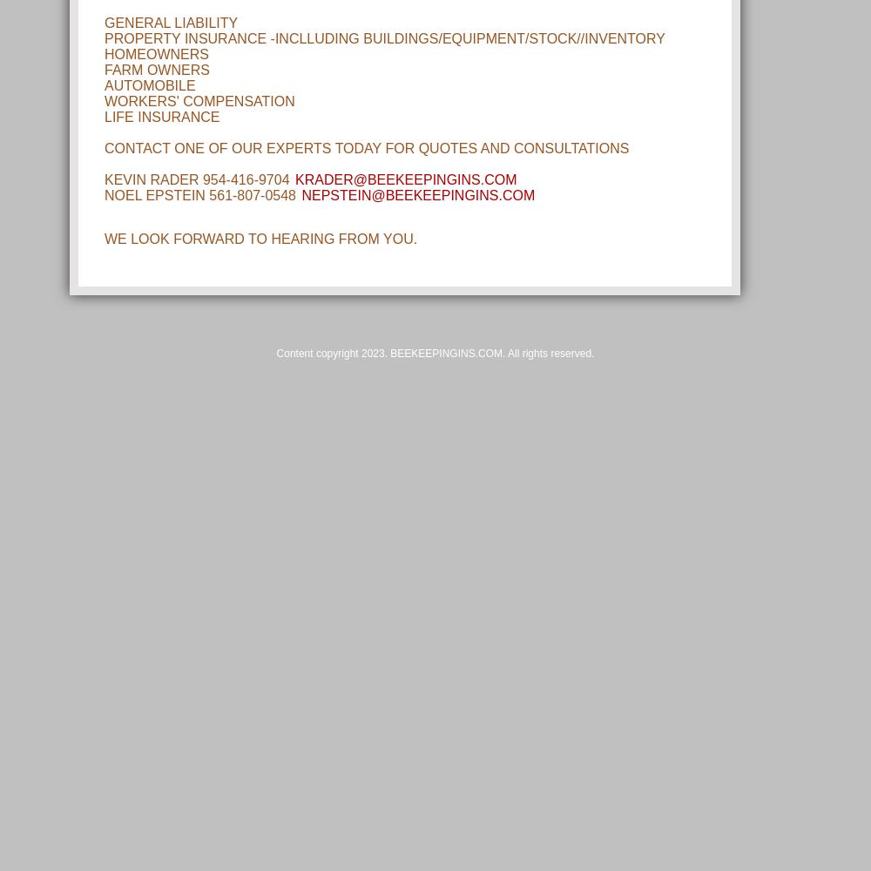  What do you see at coordinates (157, 69) in the screenshot?
I see `'FARM OWNERS'` at bounding box center [157, 69].